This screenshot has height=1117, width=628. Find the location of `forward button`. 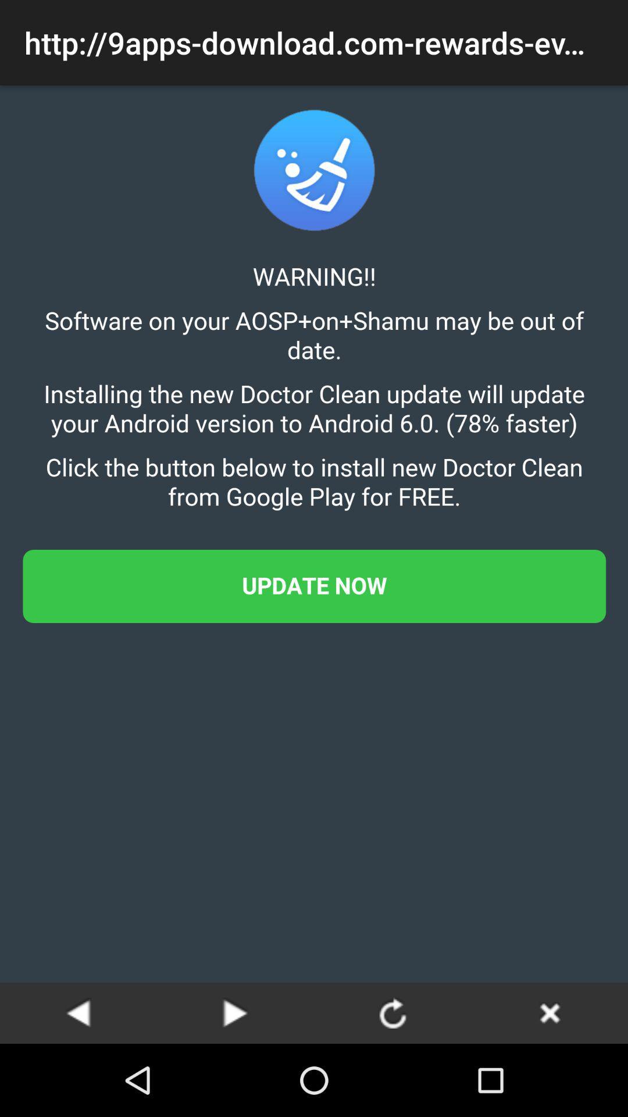

forward button is located at coordinates (235, 1012).